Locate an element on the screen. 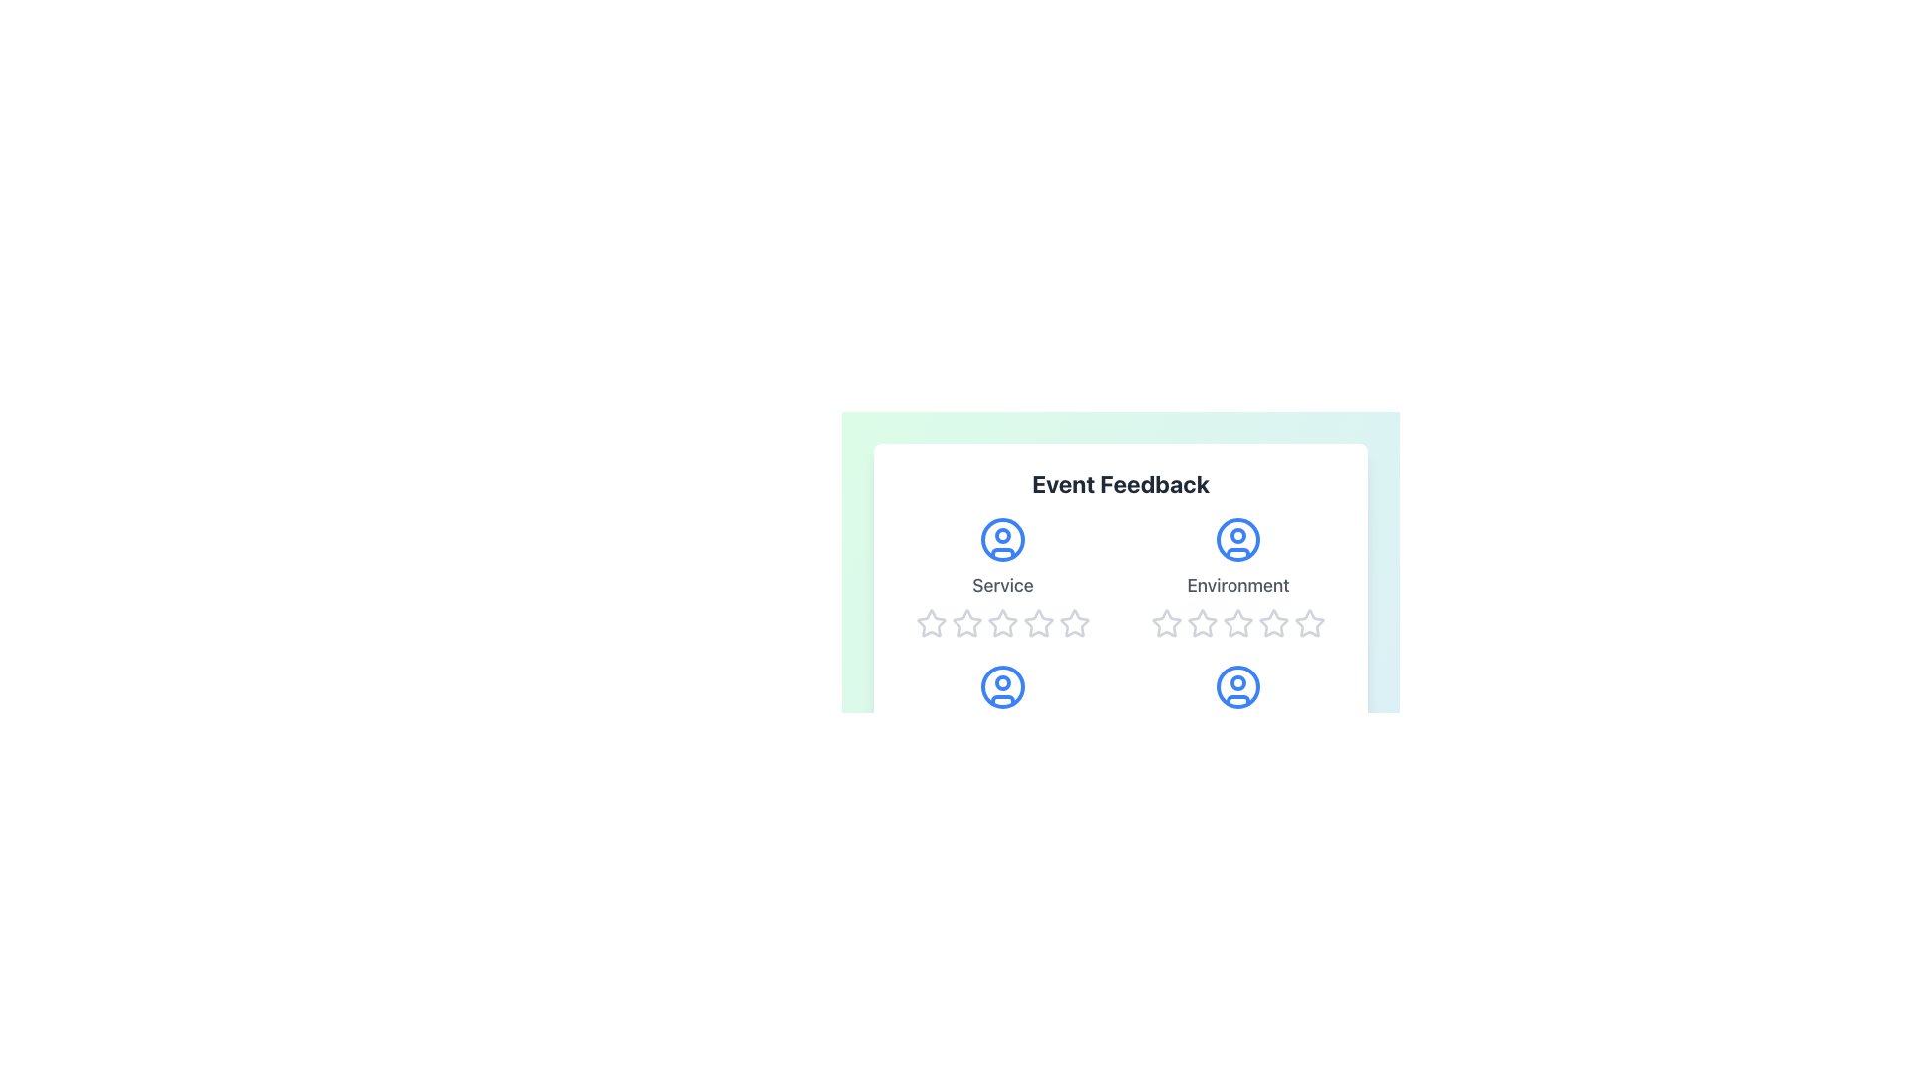  the second star icon in the 'Environment' feedback section is located at coordinates (1201, 622).